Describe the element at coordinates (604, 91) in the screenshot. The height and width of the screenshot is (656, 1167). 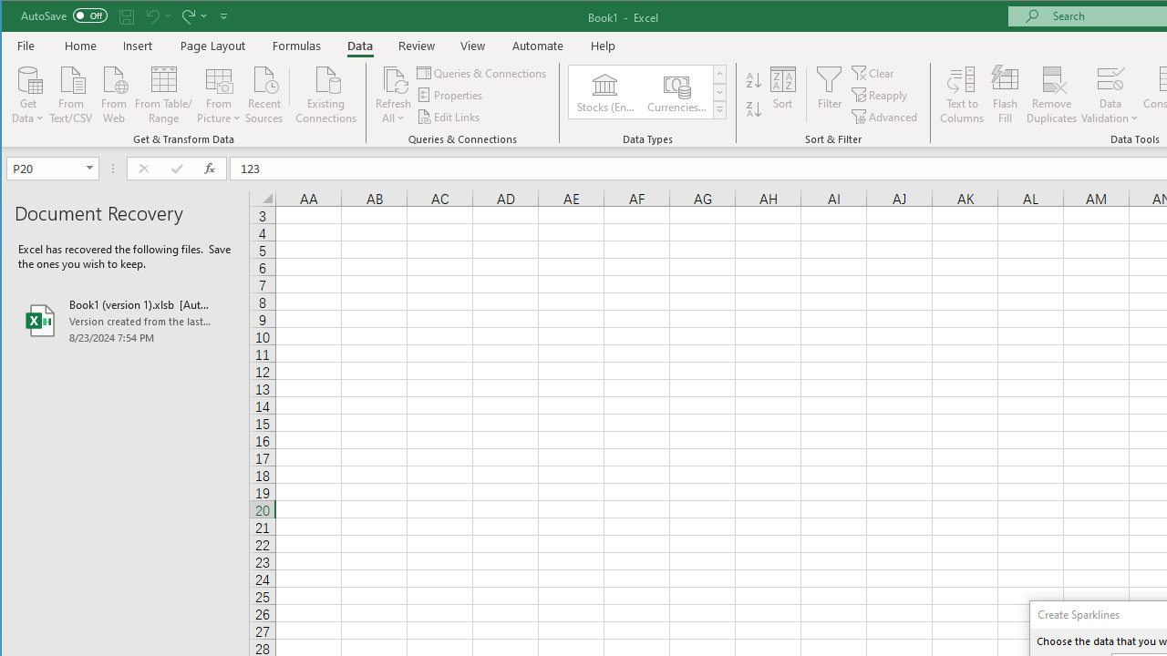
I see `'Stocks (English)'` at that location.